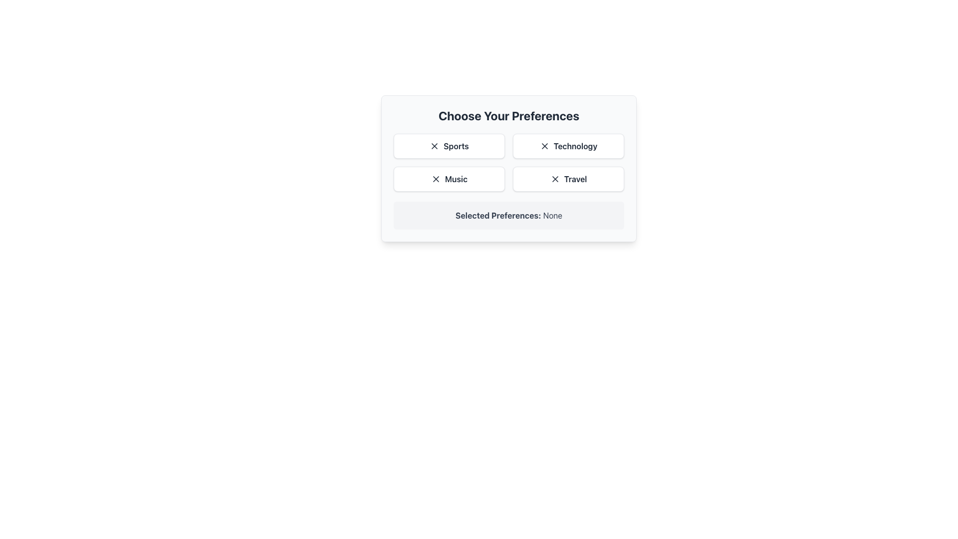 Image resolution: width=958 pixels, height=539 pixels. What do you see at coordinates (575, 146) in the screenshot?
I see `on the 'Technology' label text located next` at bounding box center [575, 146].